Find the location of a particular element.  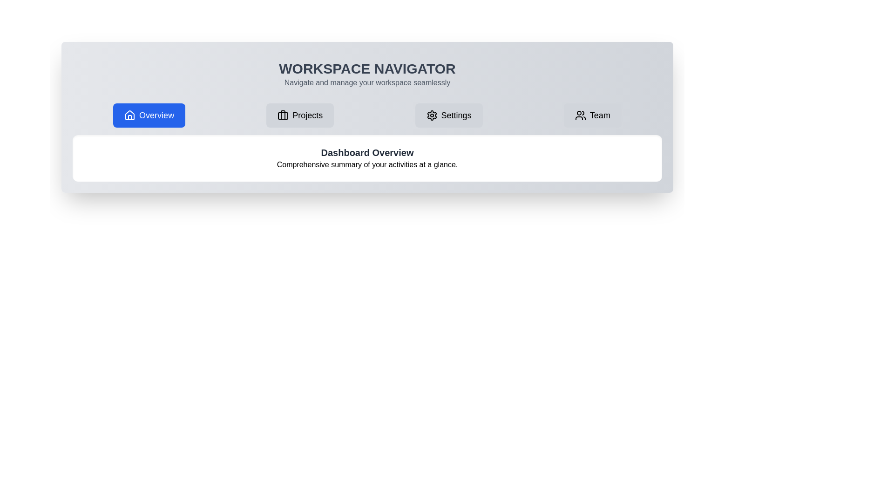

the icon representing two users, which is the leftmost graphical icon inside the 'Team' navigation button located in the top-right corner of the interface's top navigation bar is located at coordinates (580, 115).